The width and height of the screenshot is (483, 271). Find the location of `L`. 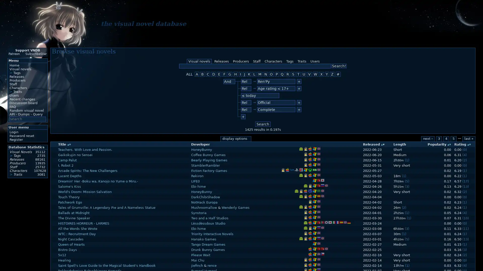

L is located at coordinates (254, 74).